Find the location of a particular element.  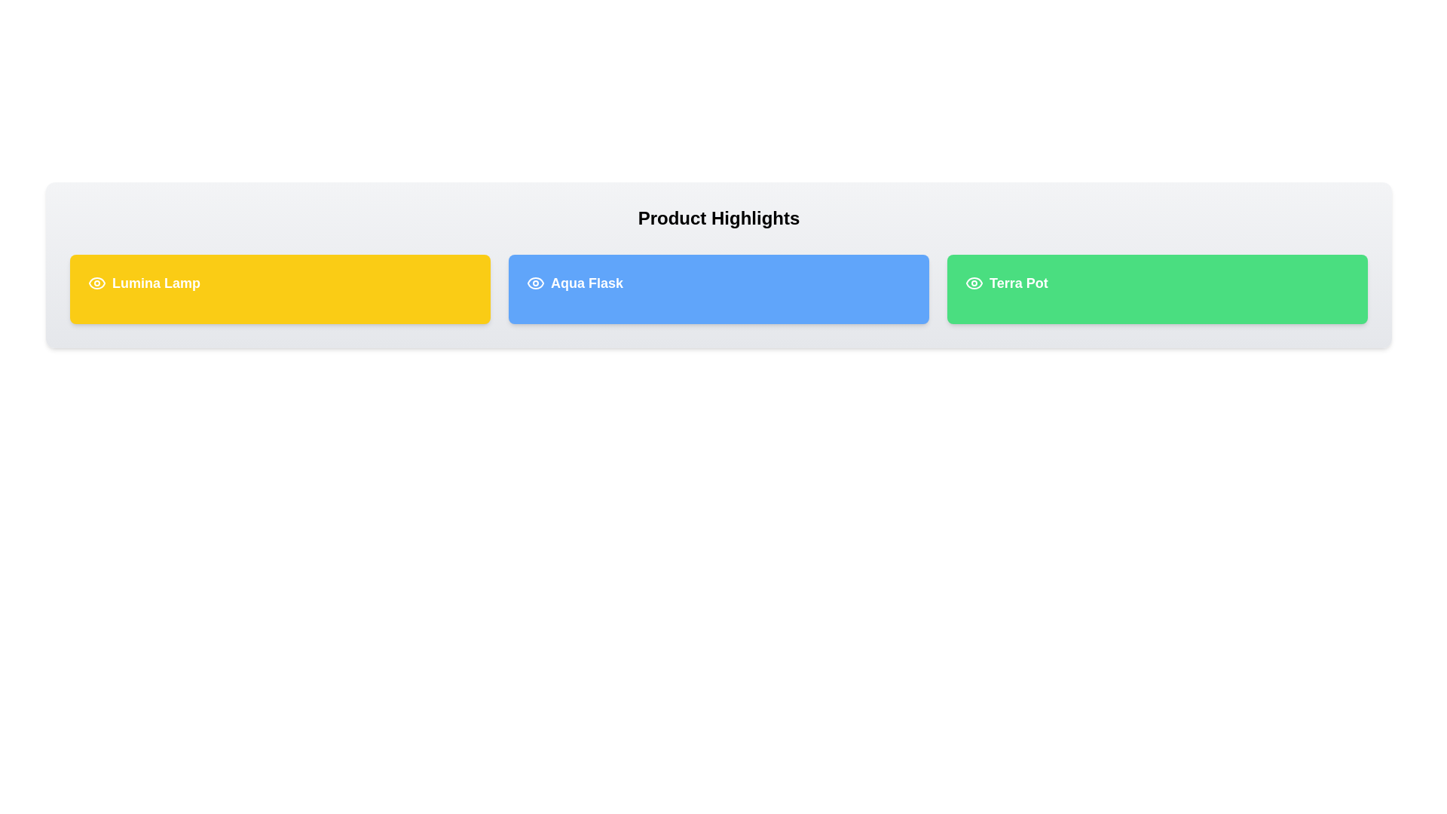

the 'Terra Pot' card is located at coordinates (1157, 289).